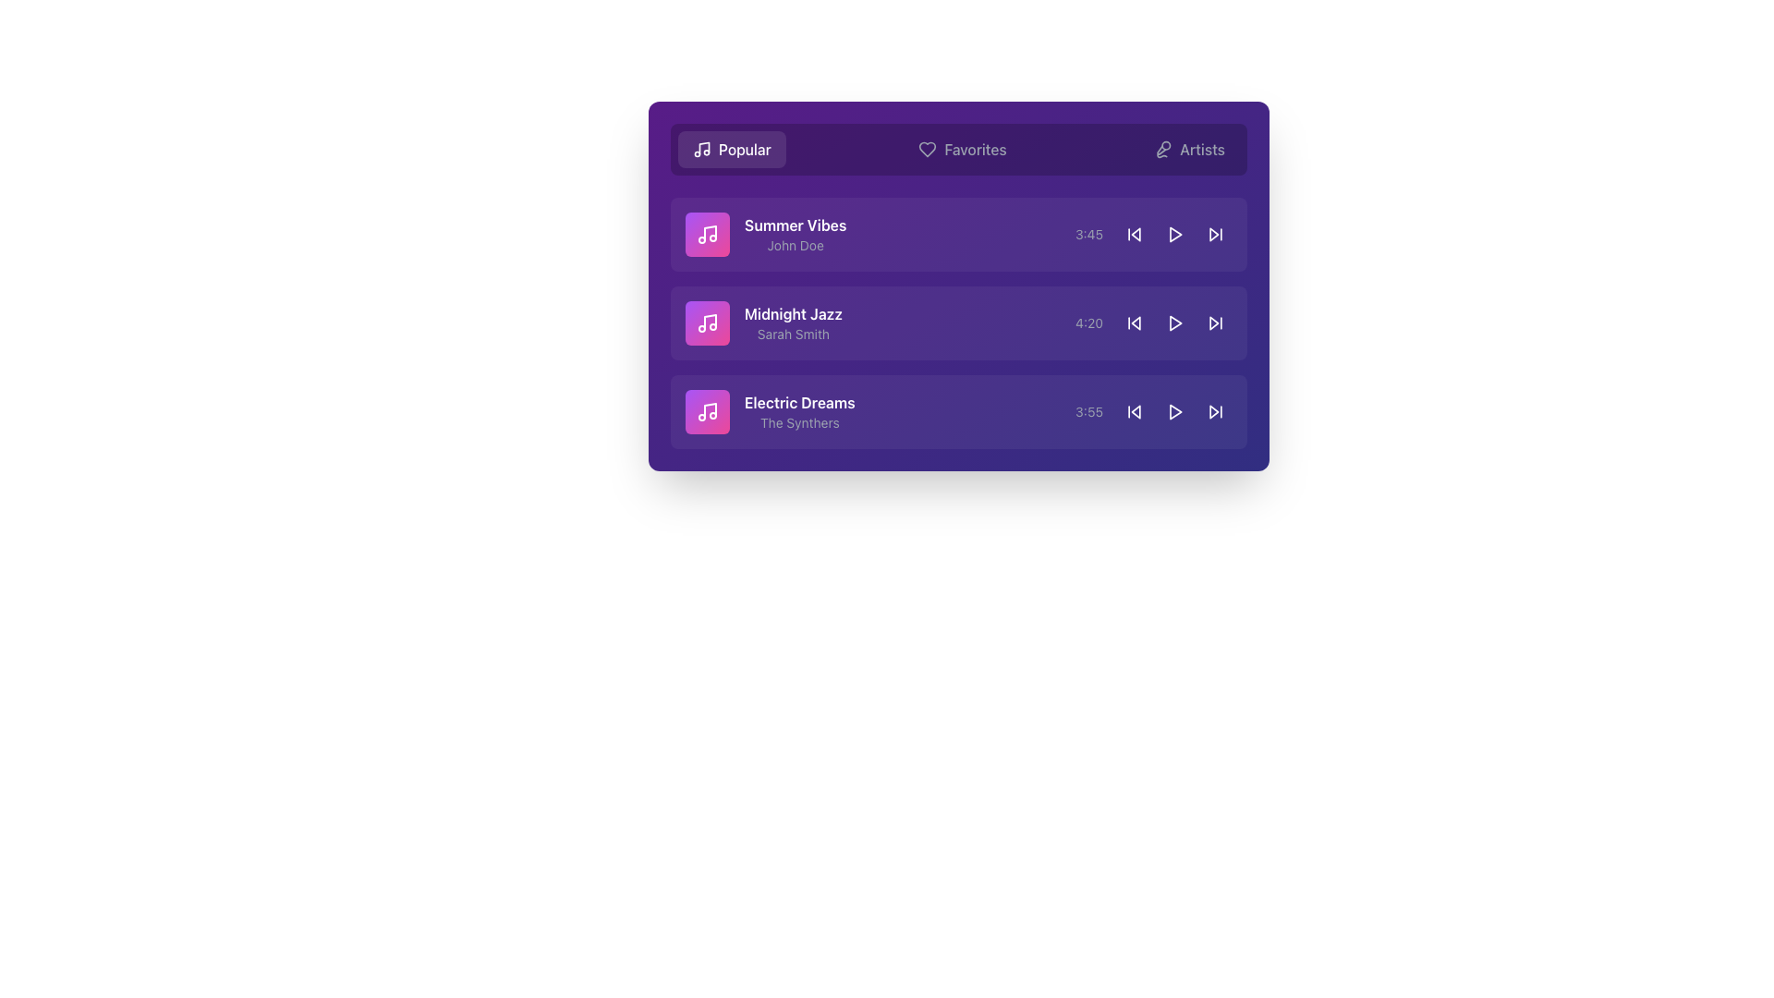 This screenshot has width=1774, height=998. I want to click on the first musical note icon, which is styled in white against a purple-pink gradient background, located to the left of the first song name in the list, so click(707, 234).